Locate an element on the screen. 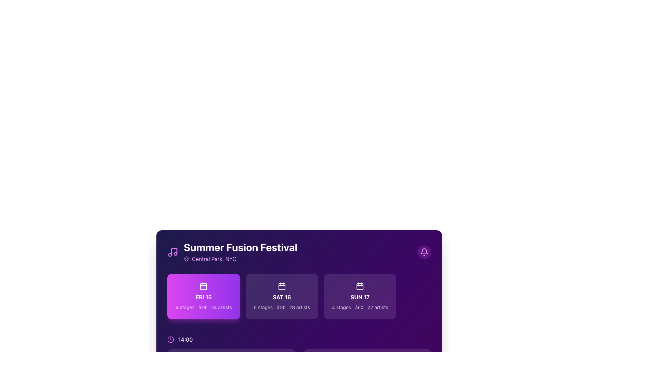 The image size is (657, 369). the static text label displaying 'Central Park, NYC' in vibrant fuchsia color, which is positioned to the right of a map pin icon on a dark-themed card is located at coordinates (214, 259).